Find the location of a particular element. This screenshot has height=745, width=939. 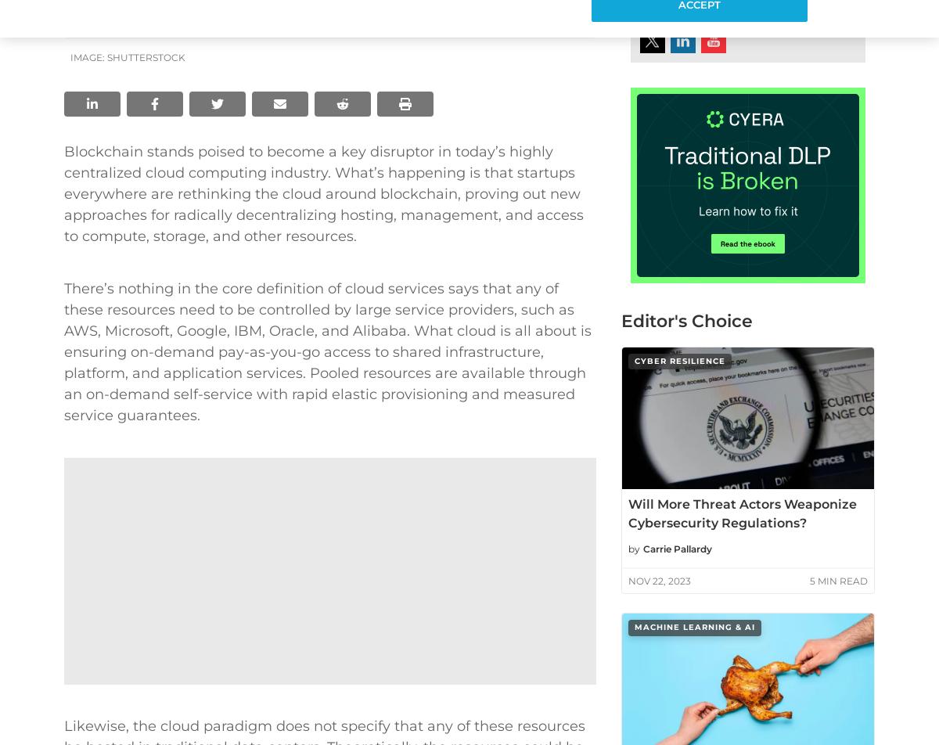

'Will More Threat Actors Weaponize Cybersecurity Regulations?' is located at coordinates (742, 513).